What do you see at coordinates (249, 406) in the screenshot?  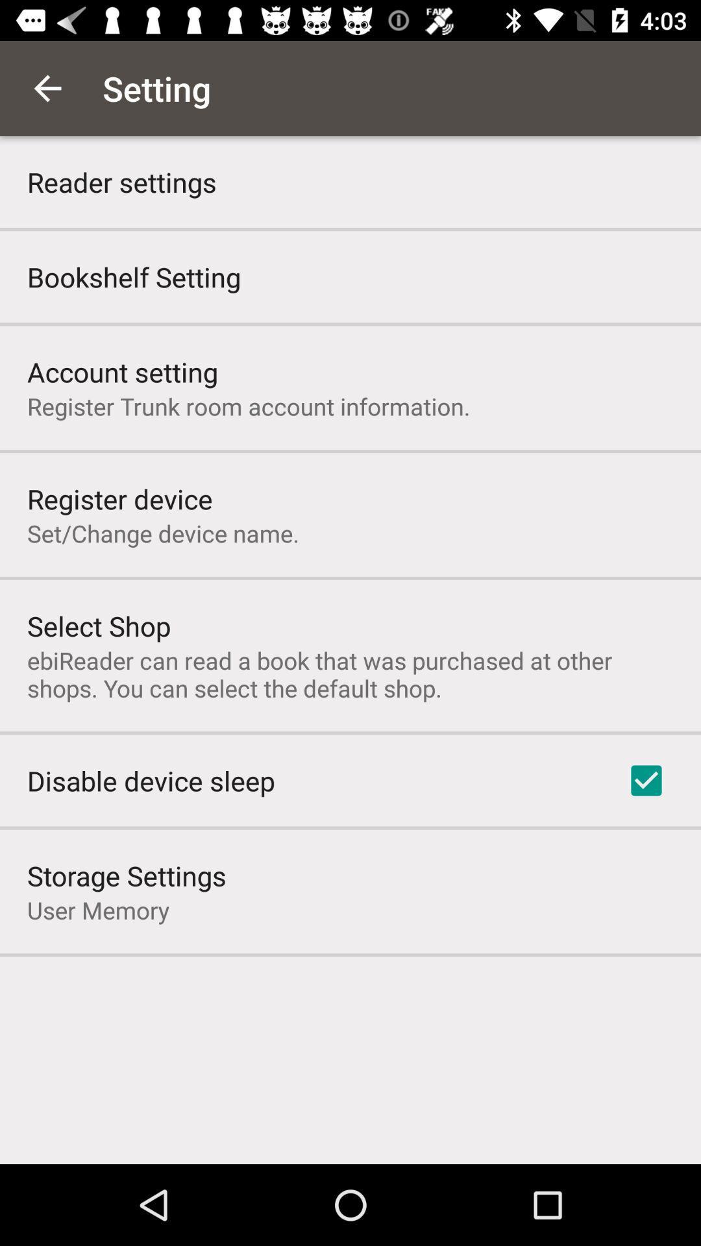 I see `the register trunk room` at bounding box center [249, 406].